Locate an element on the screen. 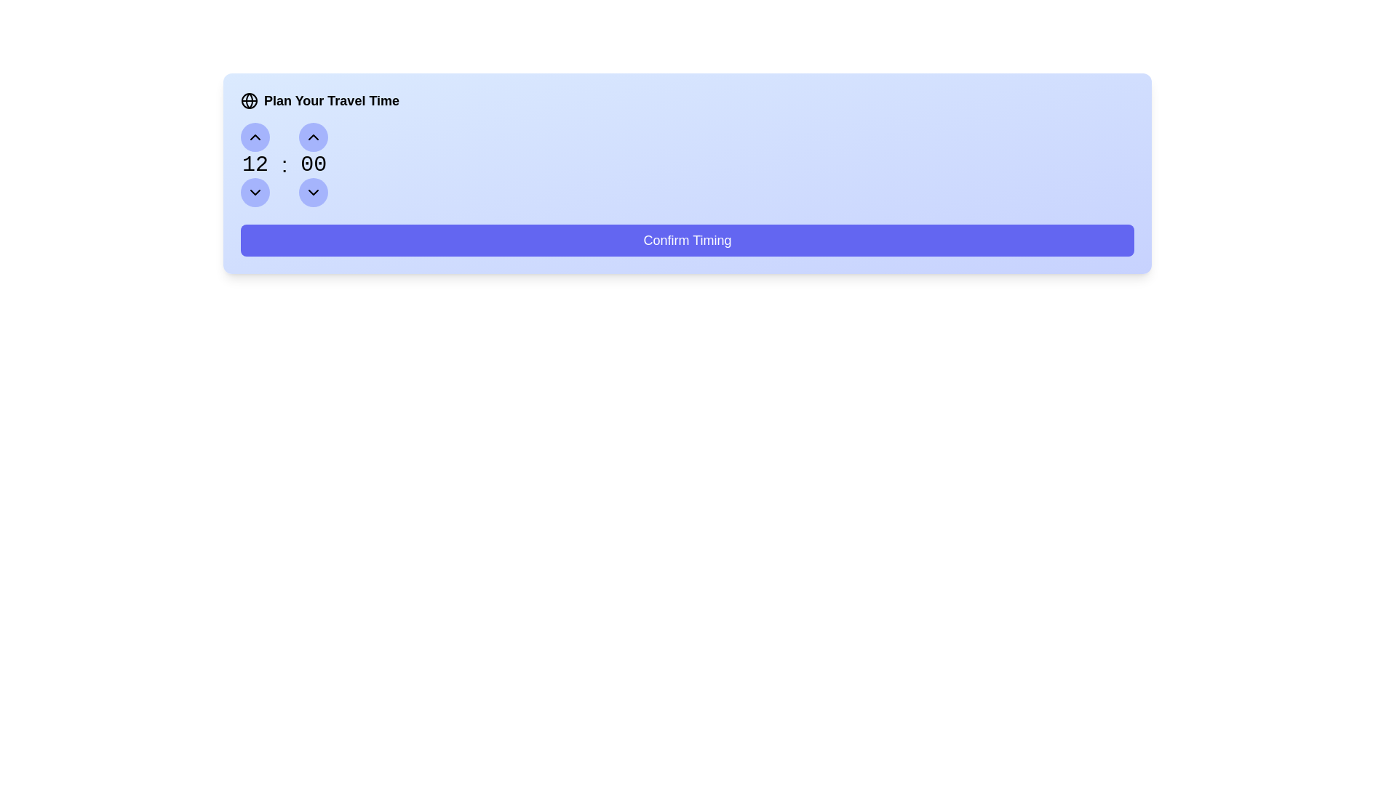  the travel icon located to the far left of the header area under the label 'Plan Your Travel Time.' is located at coordinates (249, 100).